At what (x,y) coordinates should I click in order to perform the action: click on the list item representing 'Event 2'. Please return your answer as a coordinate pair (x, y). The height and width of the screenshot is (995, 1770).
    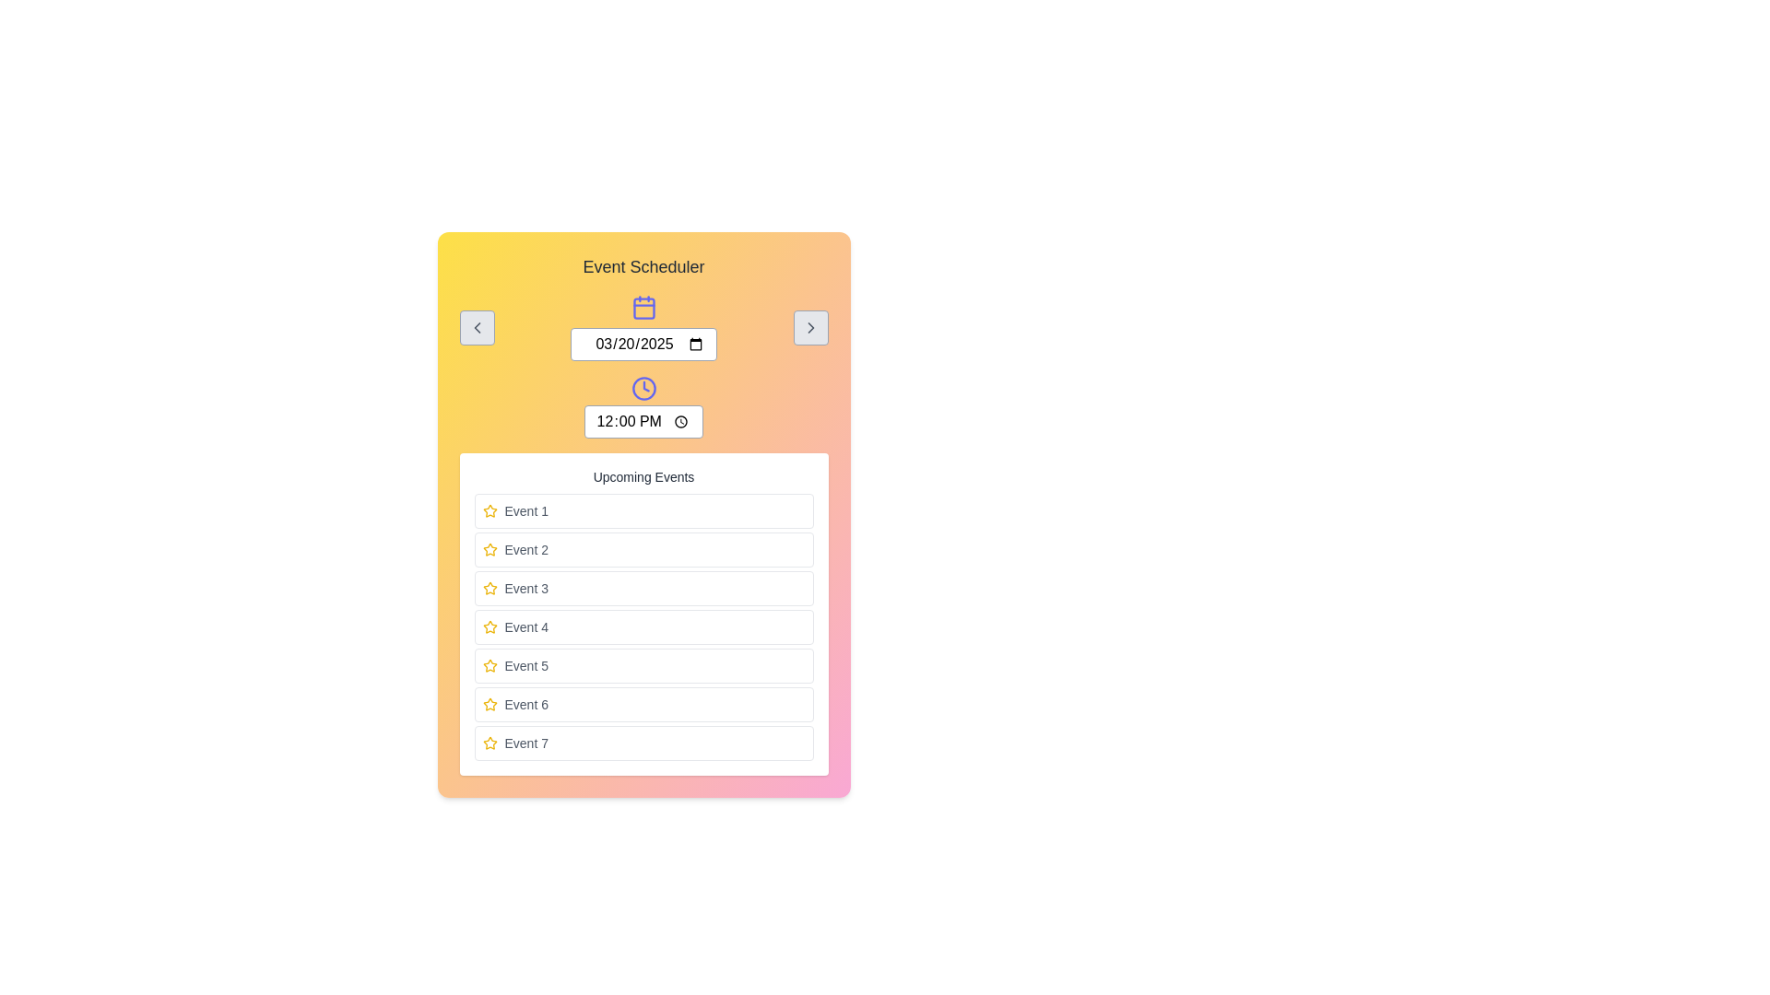
    Looking at the image, I should click on (643, 549).